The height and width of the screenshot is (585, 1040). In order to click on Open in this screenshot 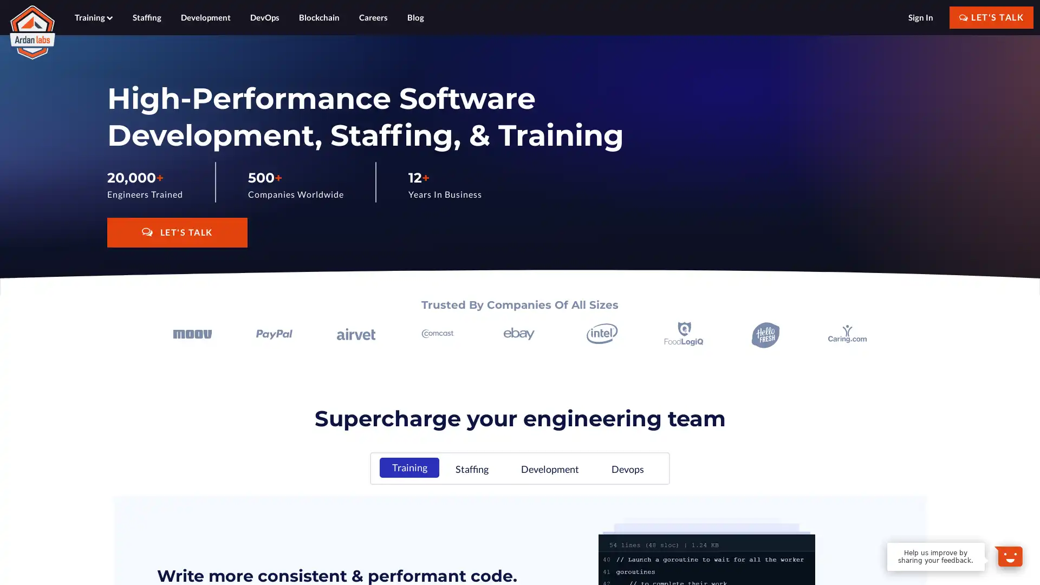, I will do `click(1007, 556)`.